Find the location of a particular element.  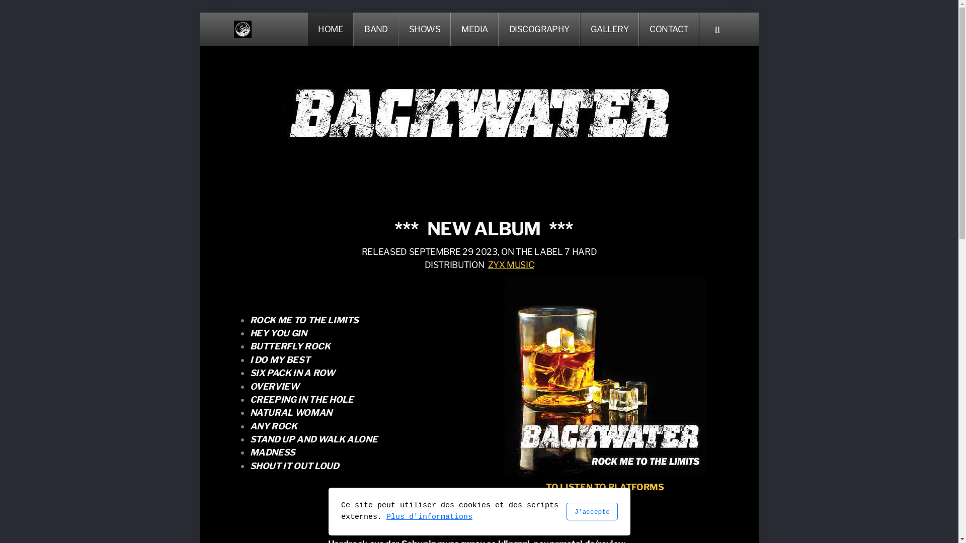

'MEDIA' is located at coordinates (474, 29).